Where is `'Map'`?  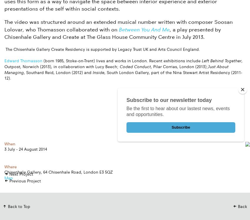
'Map' is located at coordinates (4, 177).